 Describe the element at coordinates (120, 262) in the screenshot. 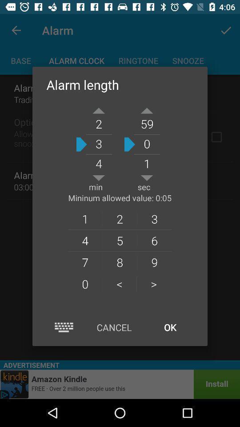

I see `item to the right of the 4` at that location.